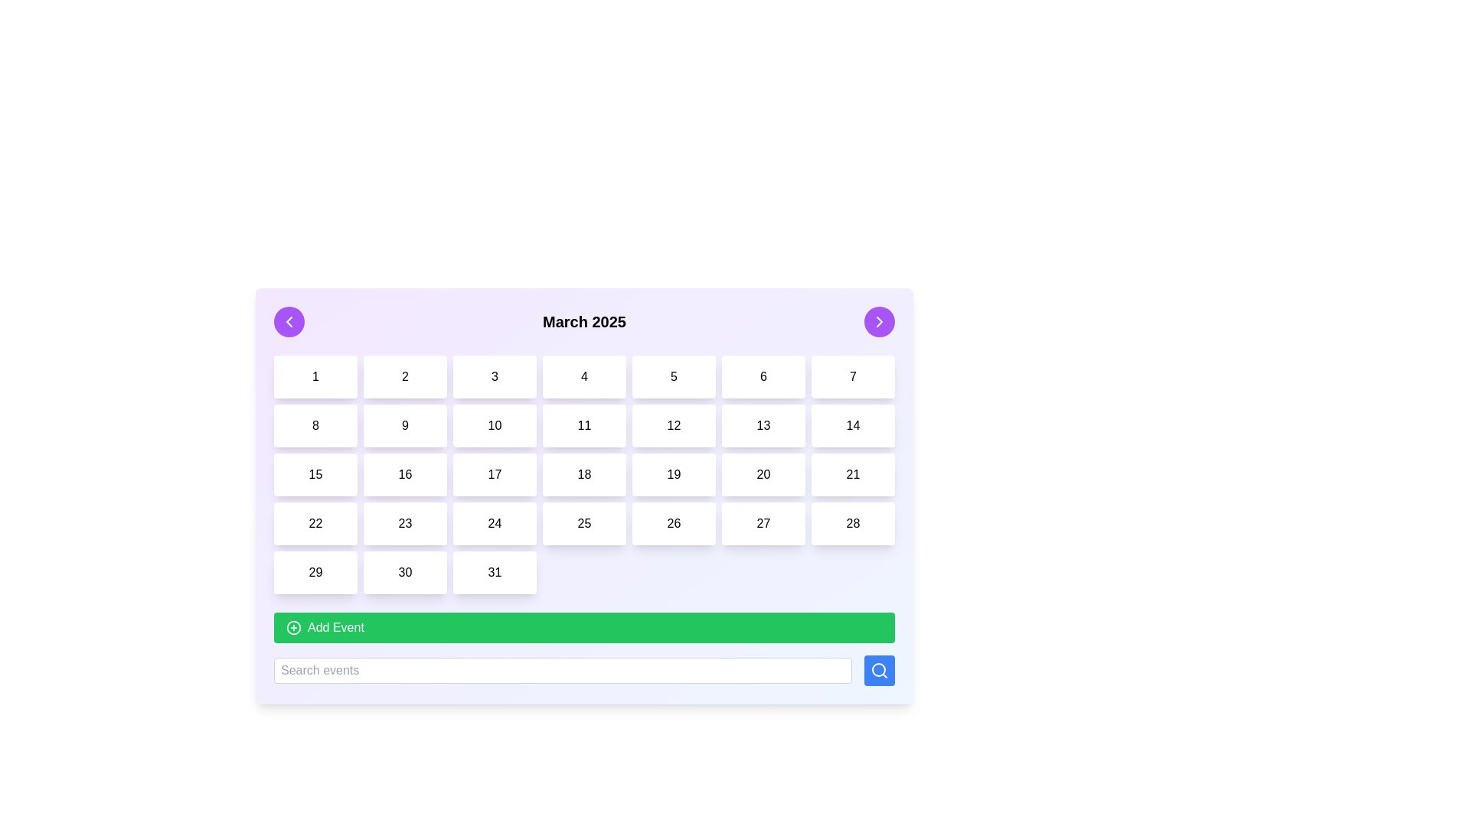 This screenshot has width=1470, height=826. Describe the element at coordinates (879, 320) in the screenshot. I see `the purple circular button with a chevron design in the top-right corner of the calendar interface` at that location.